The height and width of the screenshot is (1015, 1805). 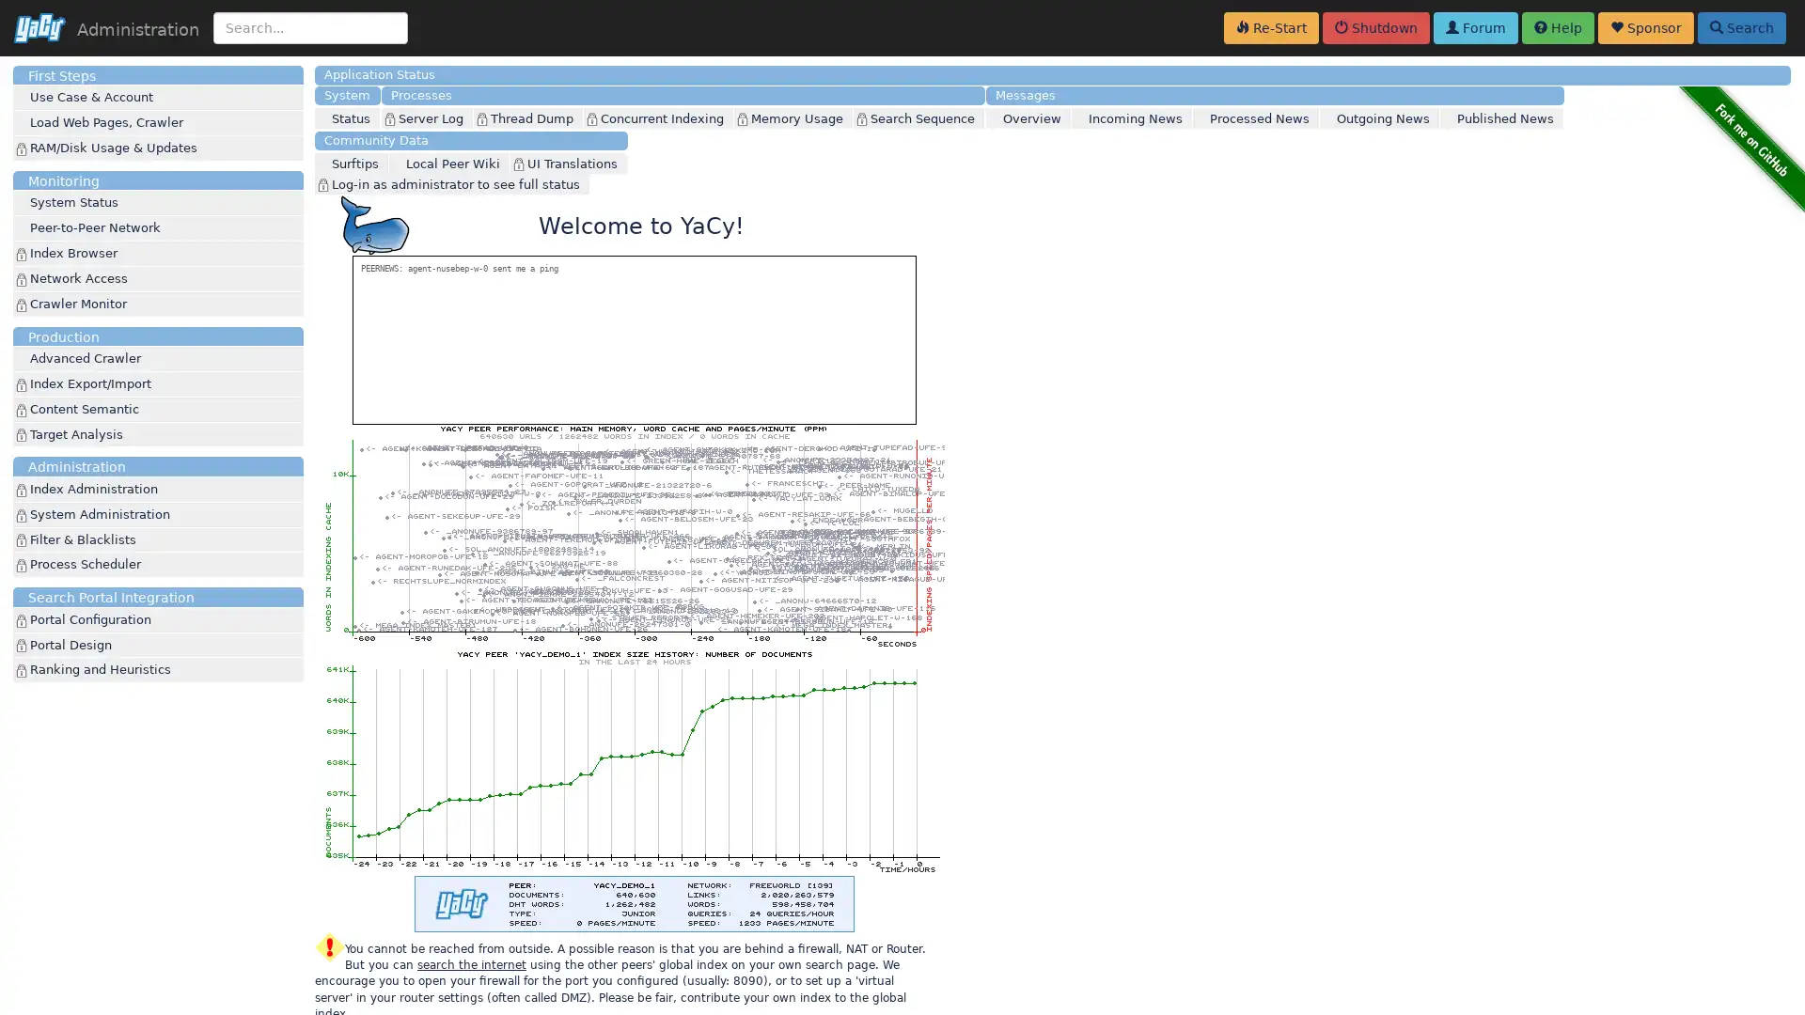 What do you see at coordinates (1558, 28) in the screenshot?
I see `Help` at bounding box center [1558, 28].